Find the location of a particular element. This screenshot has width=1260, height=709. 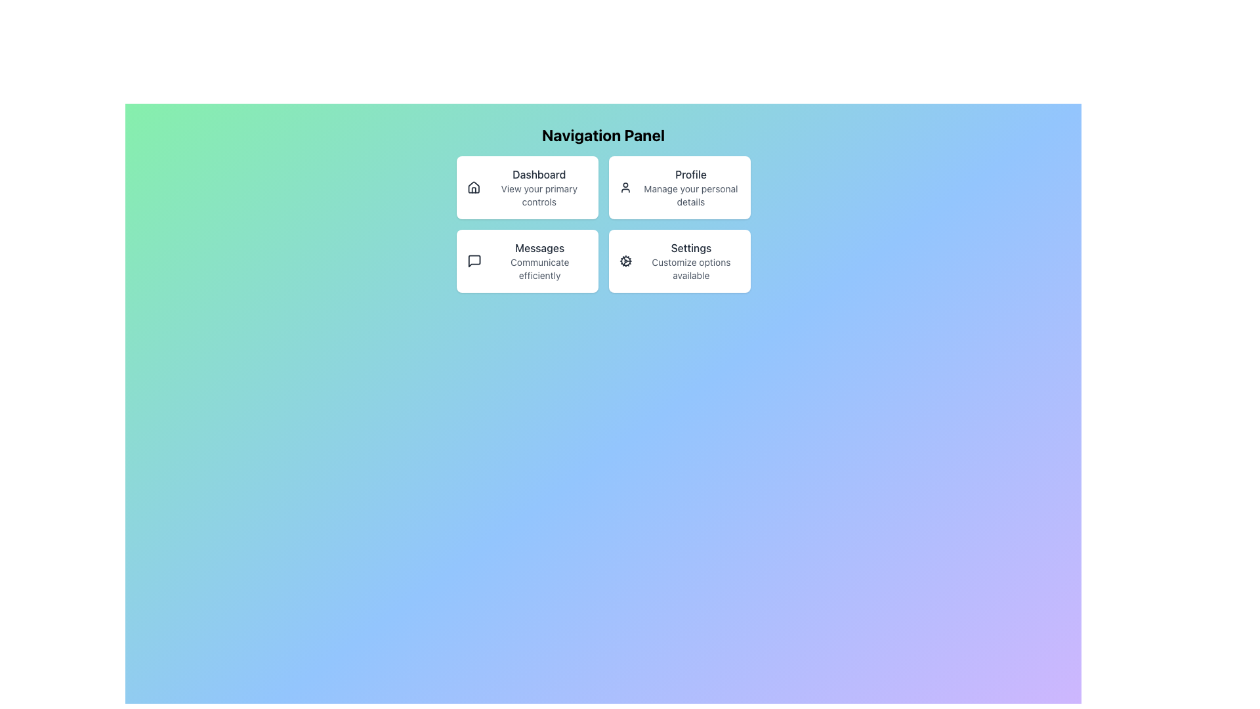

the static text label element that provides supplemental information related to the 'Settings' section, located directly below the 'Settings' text in the bottom-right quadrant of the user interface is located at coordinates (690, 268).